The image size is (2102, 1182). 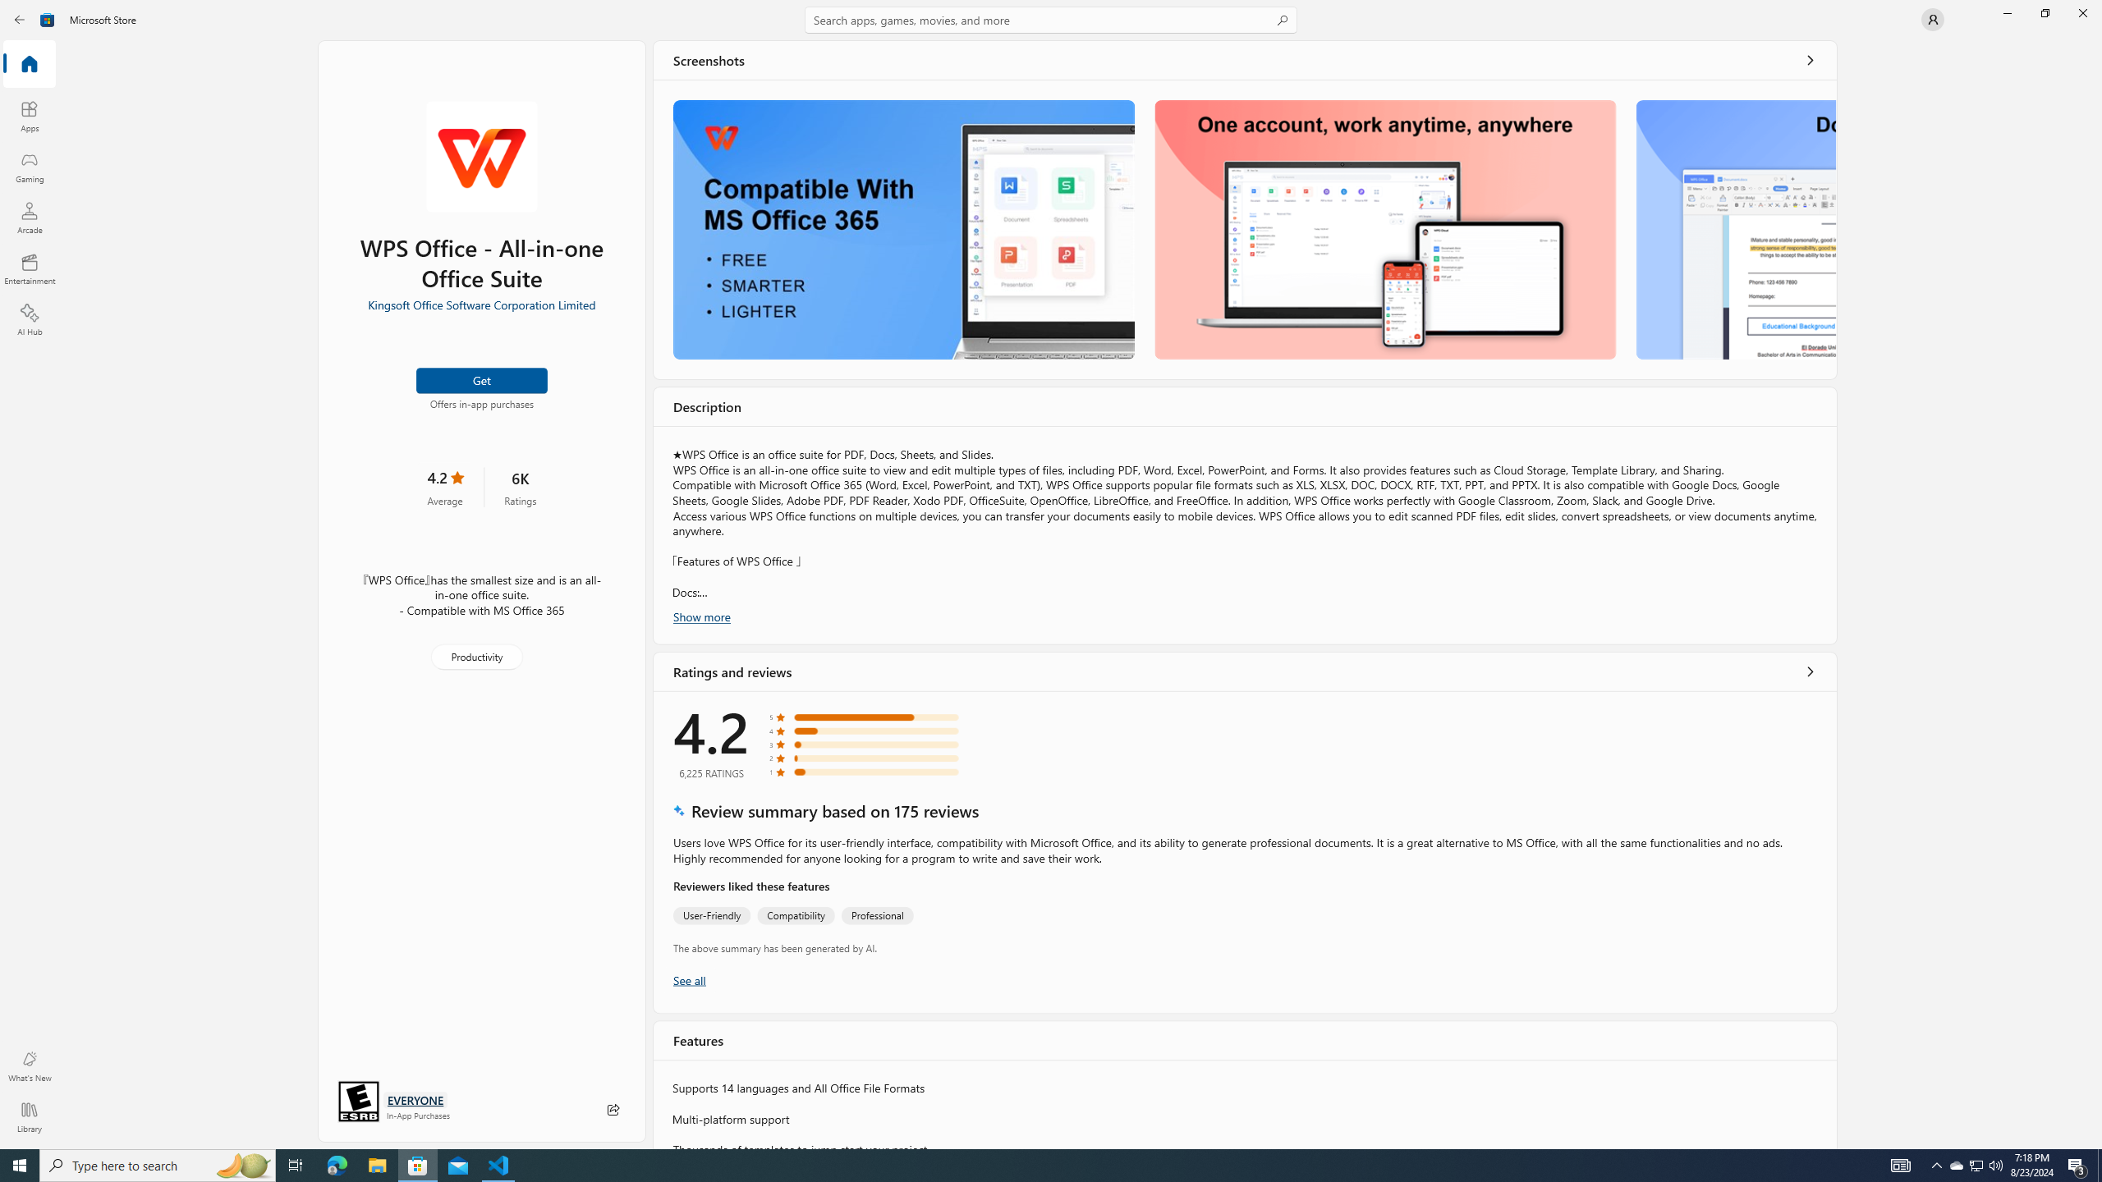 I want to click on 'Arcade', so click(x=28, y=217).